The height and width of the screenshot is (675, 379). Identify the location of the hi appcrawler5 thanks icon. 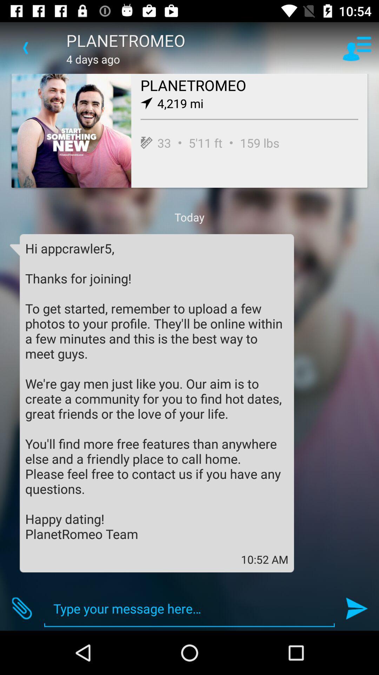
(157, 391).